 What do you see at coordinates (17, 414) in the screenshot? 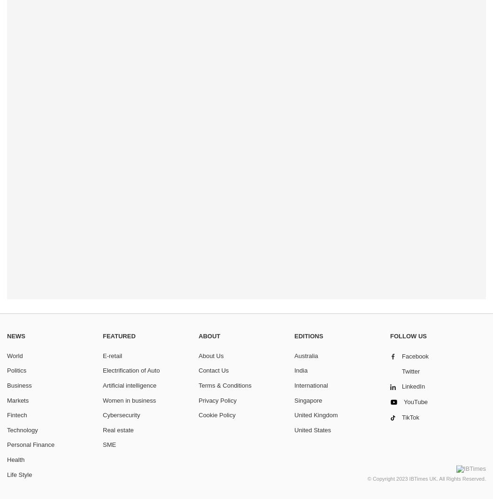
I see `'Fintech'` at bounding box center [17, 414].